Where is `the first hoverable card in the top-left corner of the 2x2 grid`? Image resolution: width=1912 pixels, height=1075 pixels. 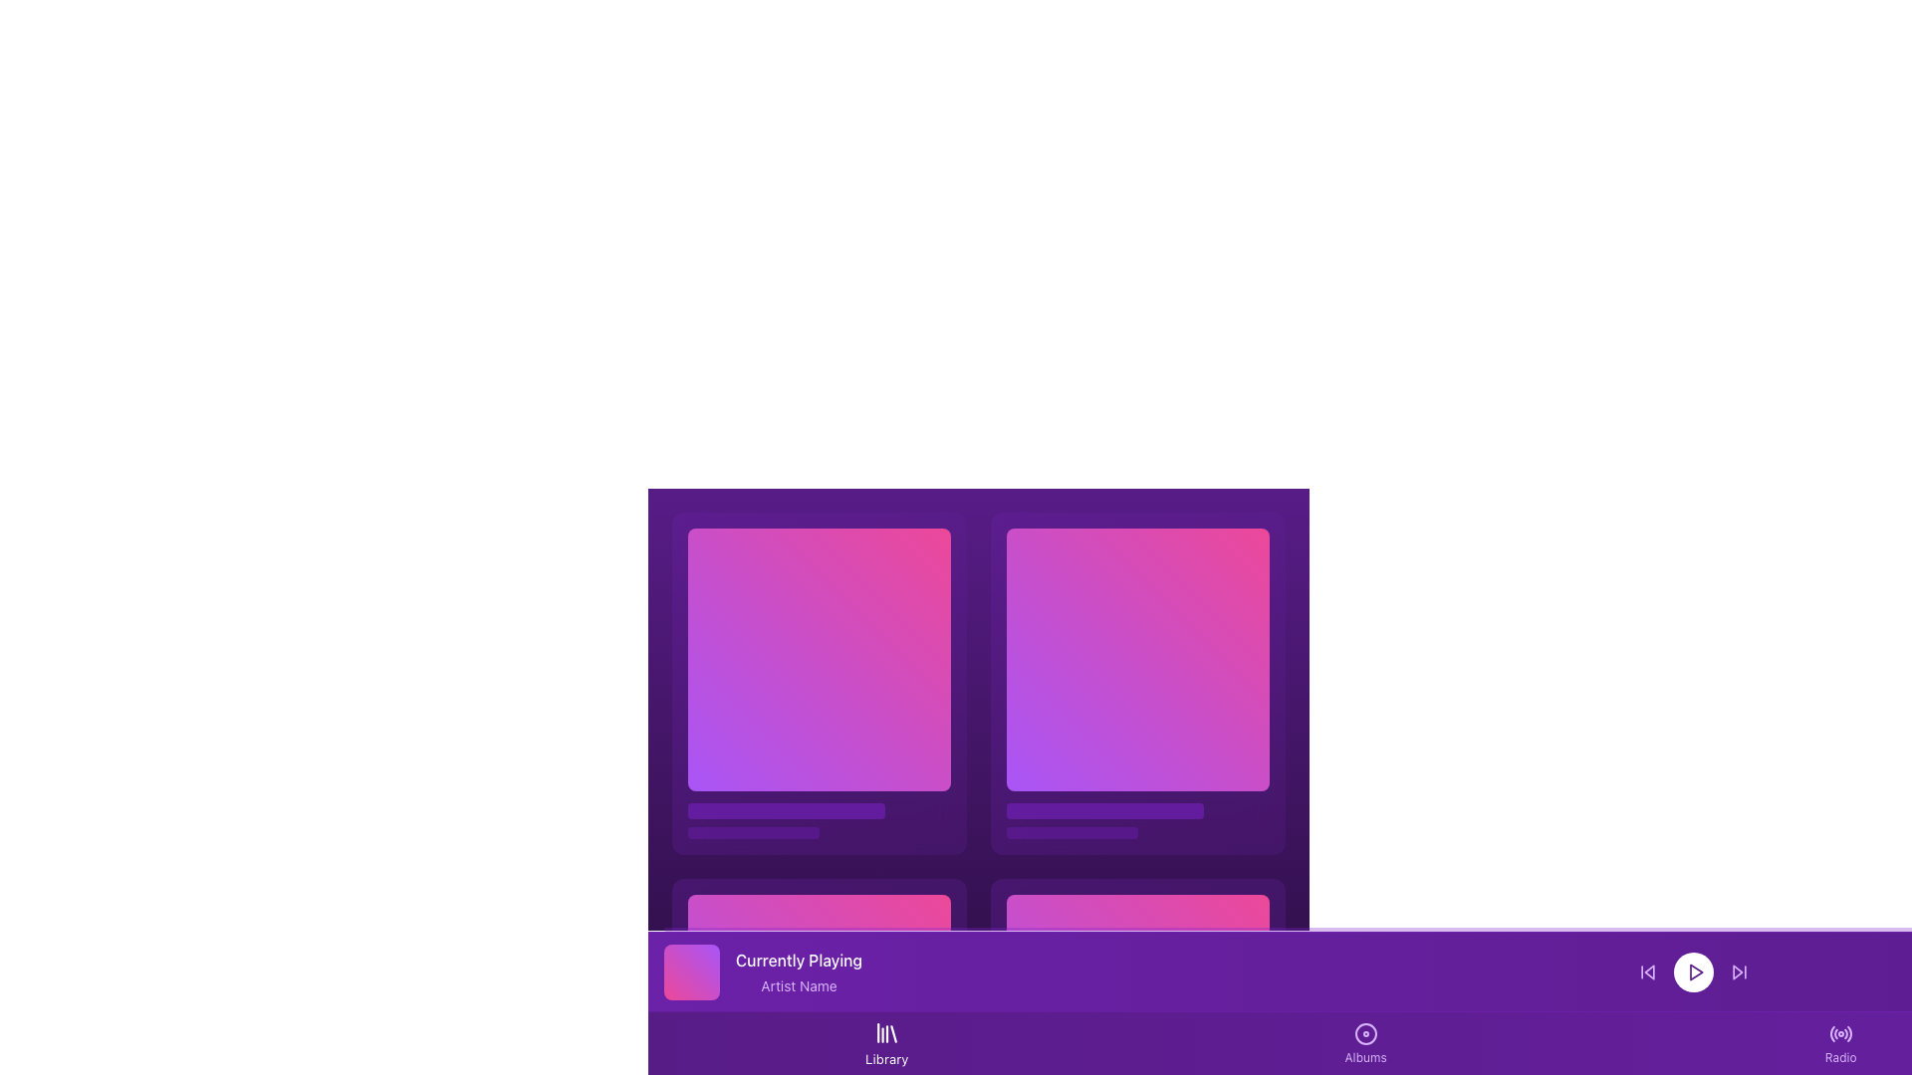 the first hoverable card in the top-left corner of the 2x2 grid is located at coordinates (819, 682).